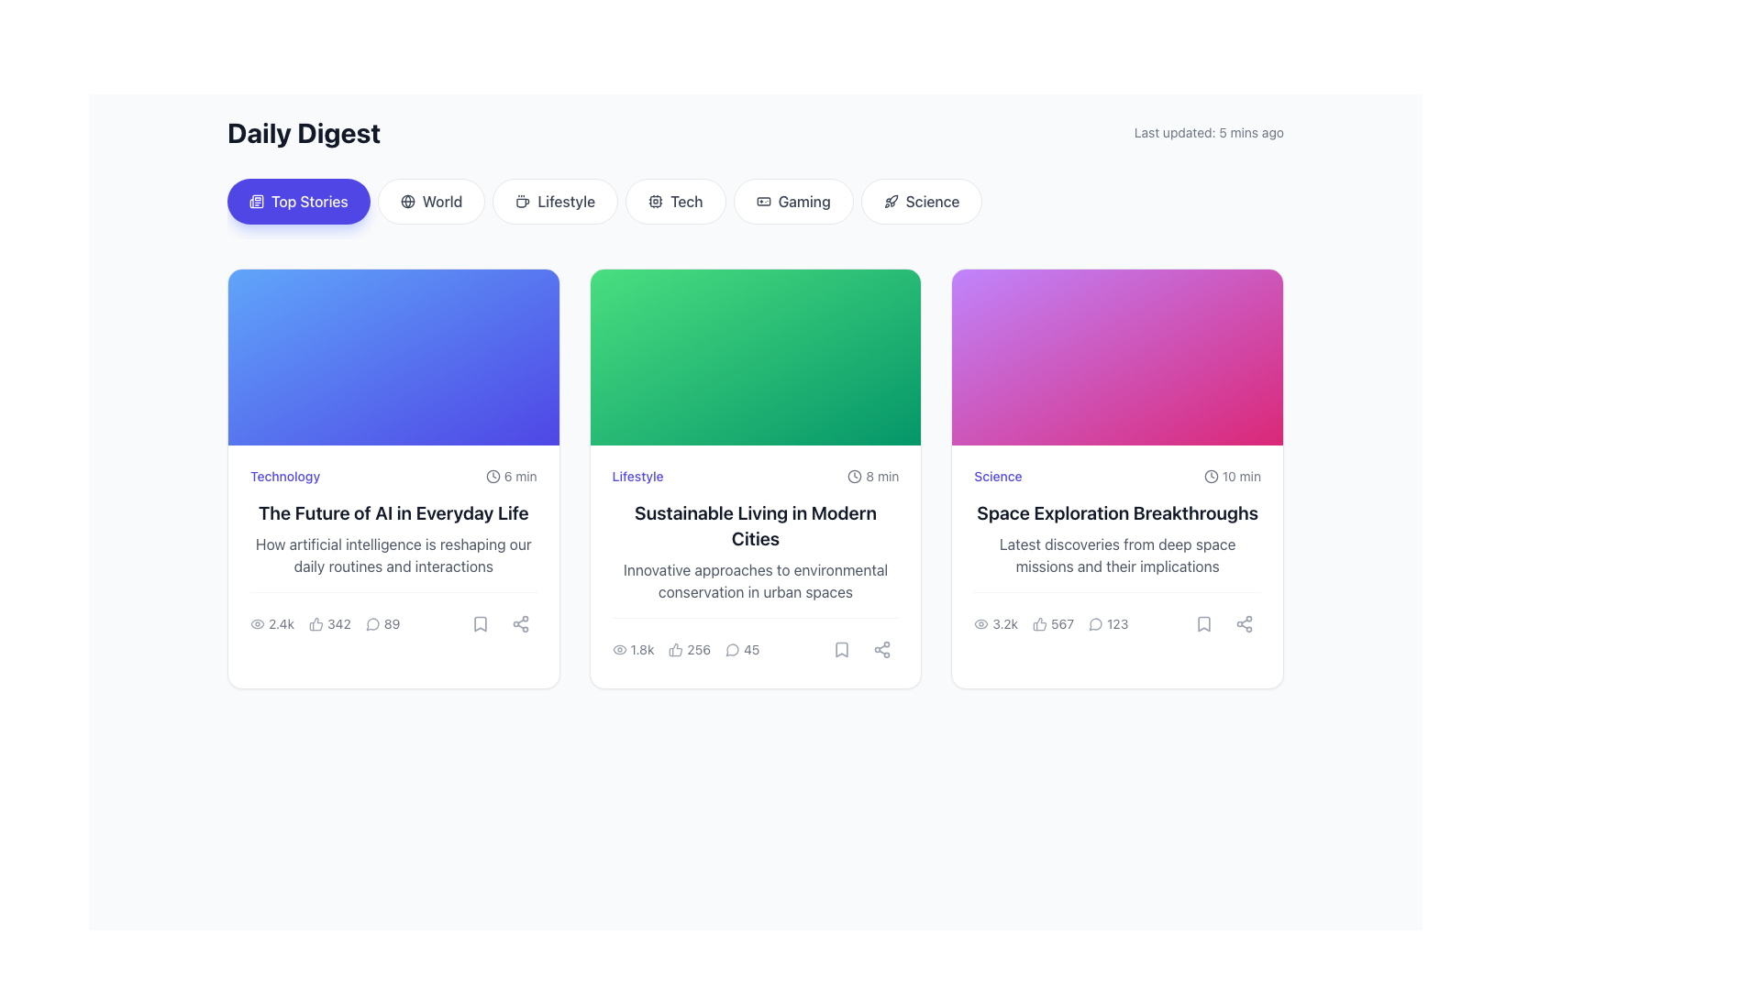 The height and width of the screenshot is (990, 1761). I want to click on the 'Science' category icon, which is the first visual element on the left side of the button labeled 'Science', so click(891, 201).